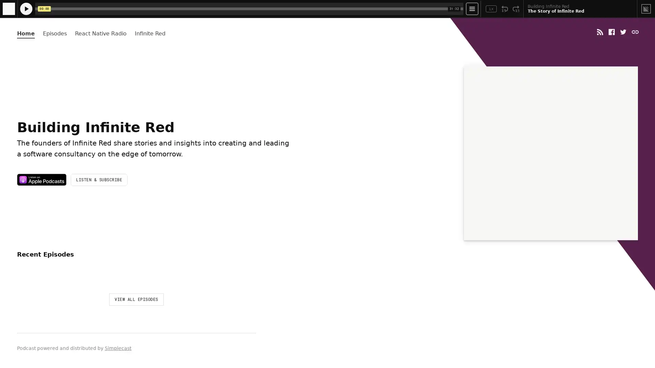 The width and height of the screenshot is (655, 368). What do you see at coordinates (25, 282) in the screenshot?
I see `Play` at bounding box center [25, 282].